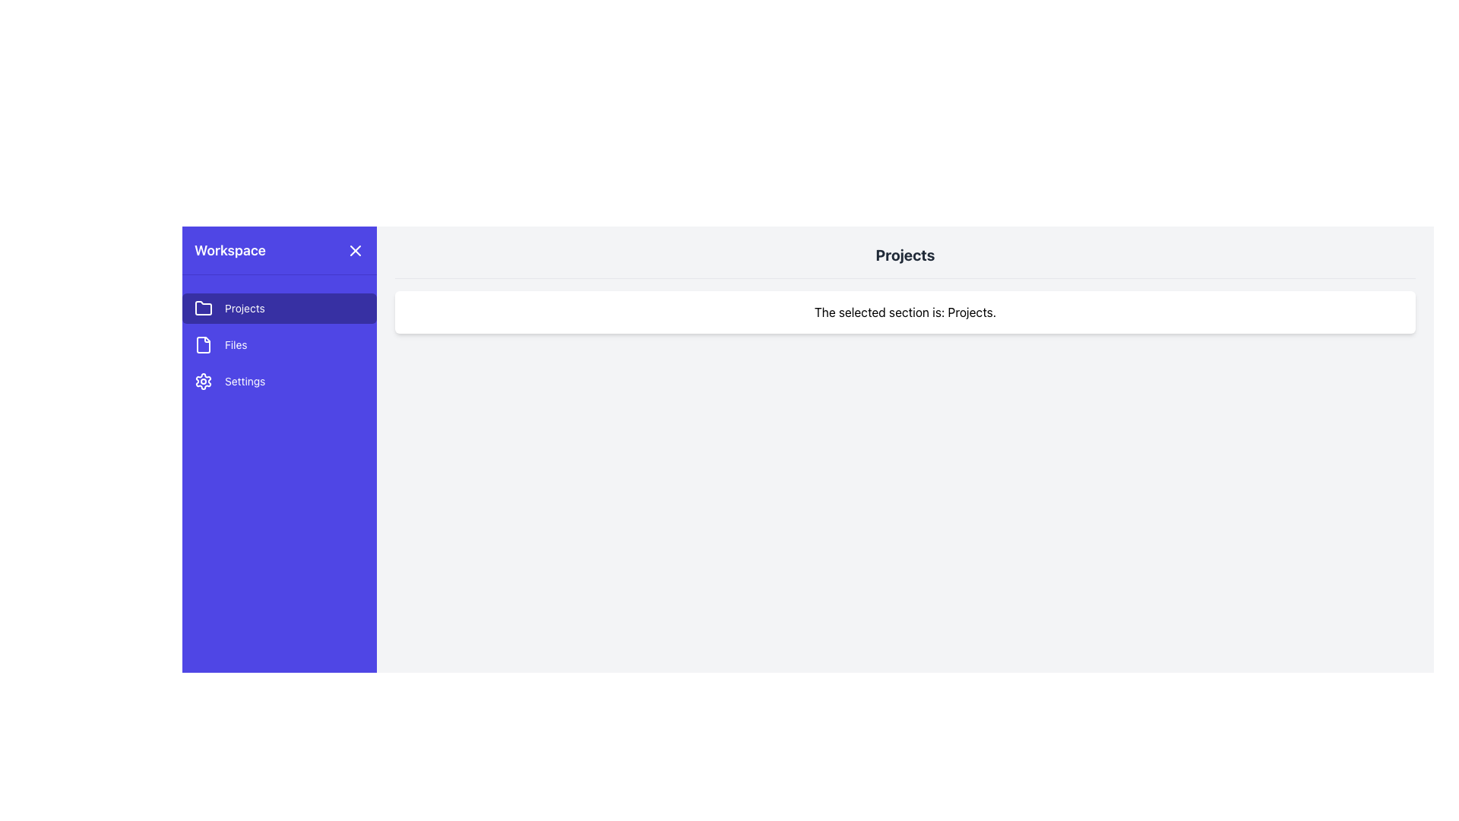 The image size is (1459, 821). What do you see at coordinates (203, 345) in the screenshot?
I see `the 'Files' icon in the vertical navigation bar on the left side of the interface` at bounding box center [203, 345].